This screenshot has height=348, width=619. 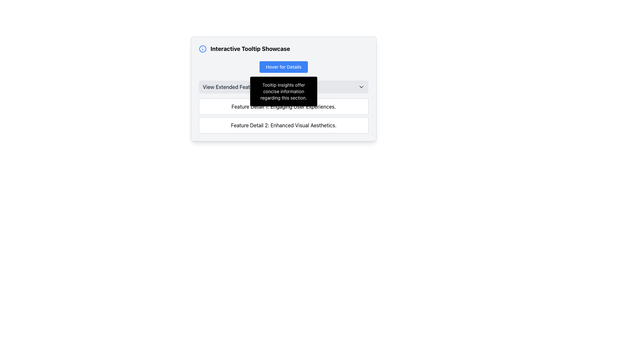 I want to click on the tooltip that provides additional information, which is displayed directly below the 'Hover for Details' button and horizontally aligned with it, so click(x=283, y=92).